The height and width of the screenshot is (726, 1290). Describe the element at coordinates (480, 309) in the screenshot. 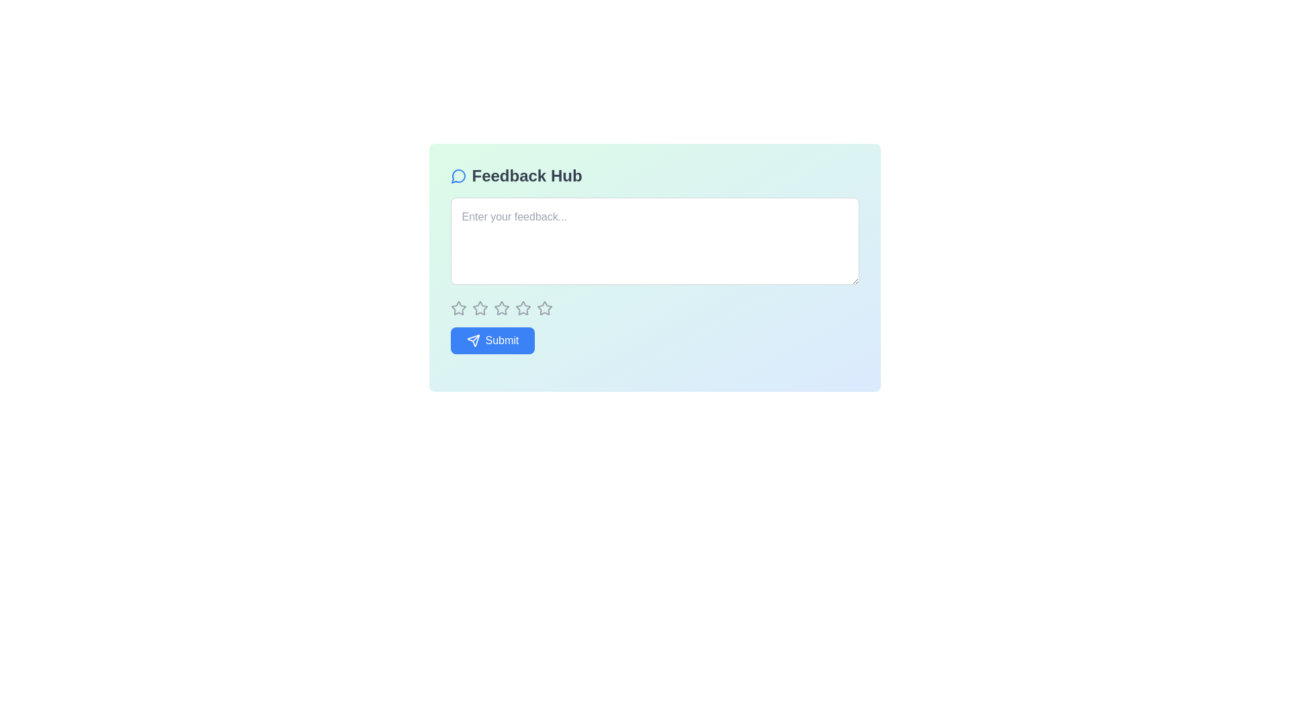

I see `the second gray outlined star icon in the rating system` at that location.